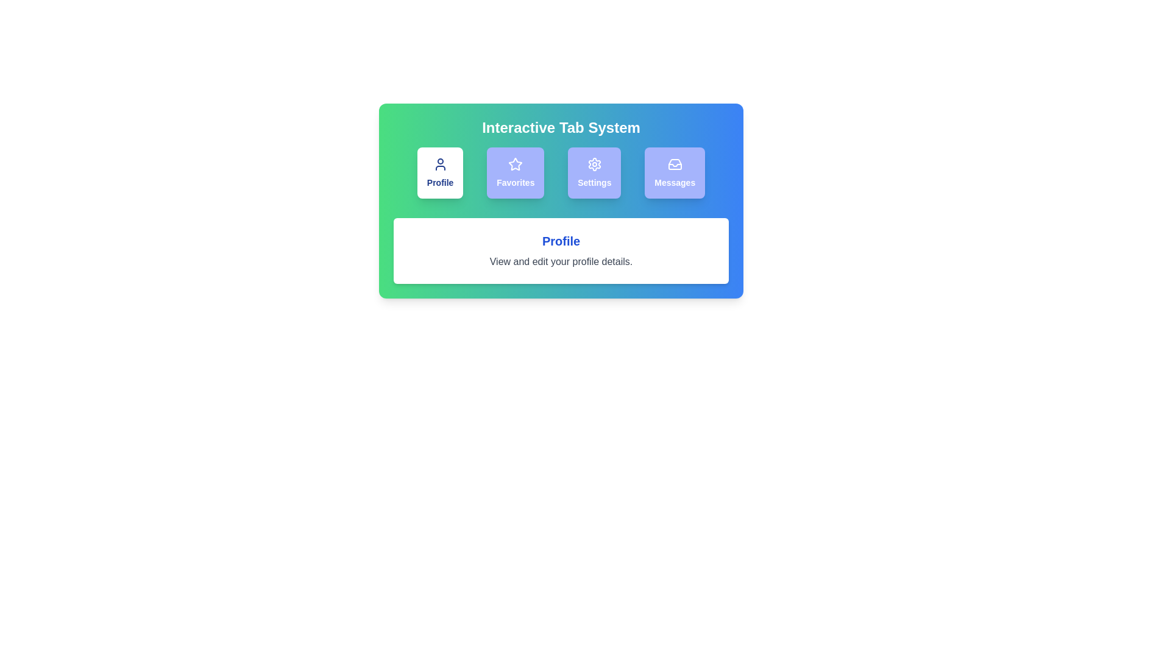  Describe the element at coordinates (439, 173) in the screenshot. I see `the Profile tab to view its content` at that location.